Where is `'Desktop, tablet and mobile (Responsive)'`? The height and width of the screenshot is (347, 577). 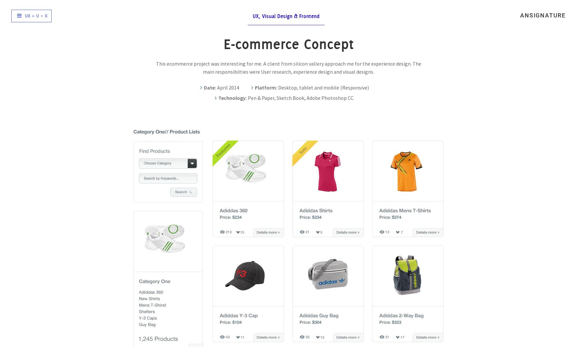
'Desktop, tablet and mobile (Responsive)' is located at coordinates (323, 87).